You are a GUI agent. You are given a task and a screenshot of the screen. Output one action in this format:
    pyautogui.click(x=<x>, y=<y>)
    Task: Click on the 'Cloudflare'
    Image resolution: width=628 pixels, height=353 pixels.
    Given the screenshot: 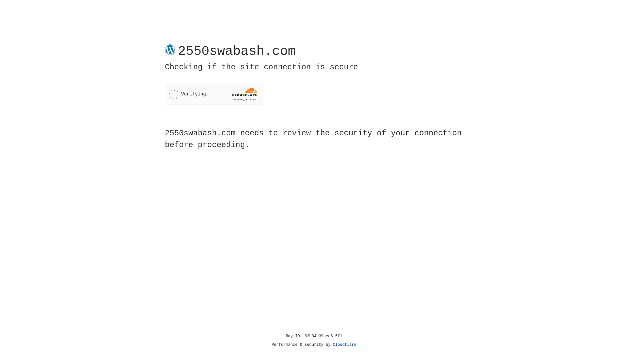 What is the action you would take?
    pyautogui.click(x=344, y=345)
    